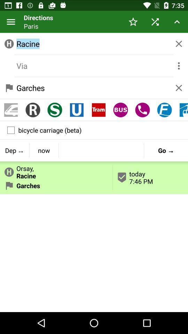  Describe the element at coordinates (164, 110) in the screenshot. I see `the checkbox above the bicycle carriage (beta) checkbox` at that location.